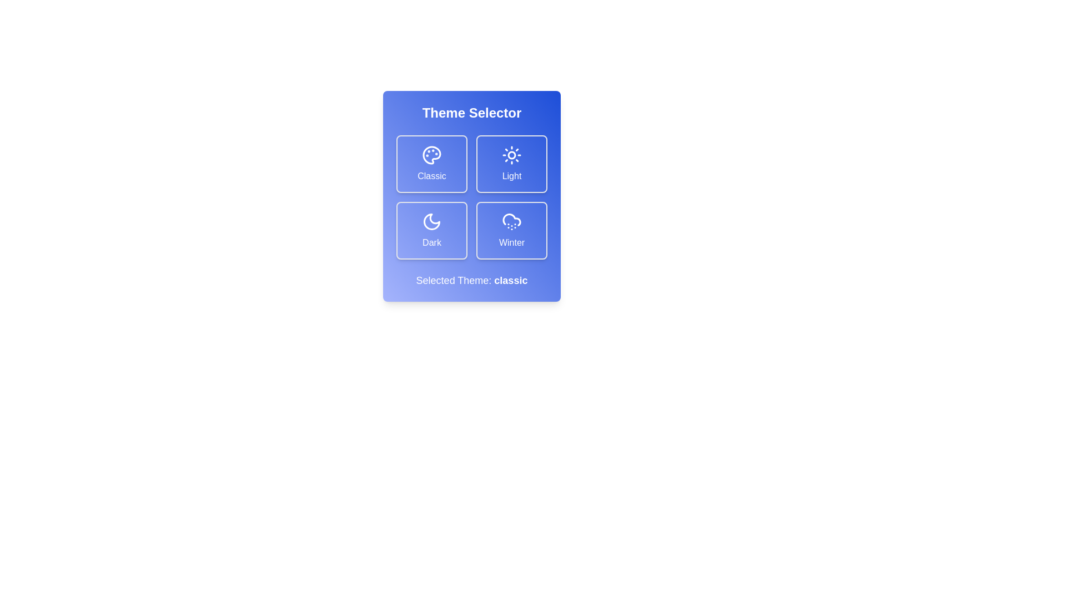  I want to click on the theme by clicking on the respective button. The parameter dark specifies the theme to select, with possible values being 'classic', 'light', 'dark', or 'winter', so click(431, 230).